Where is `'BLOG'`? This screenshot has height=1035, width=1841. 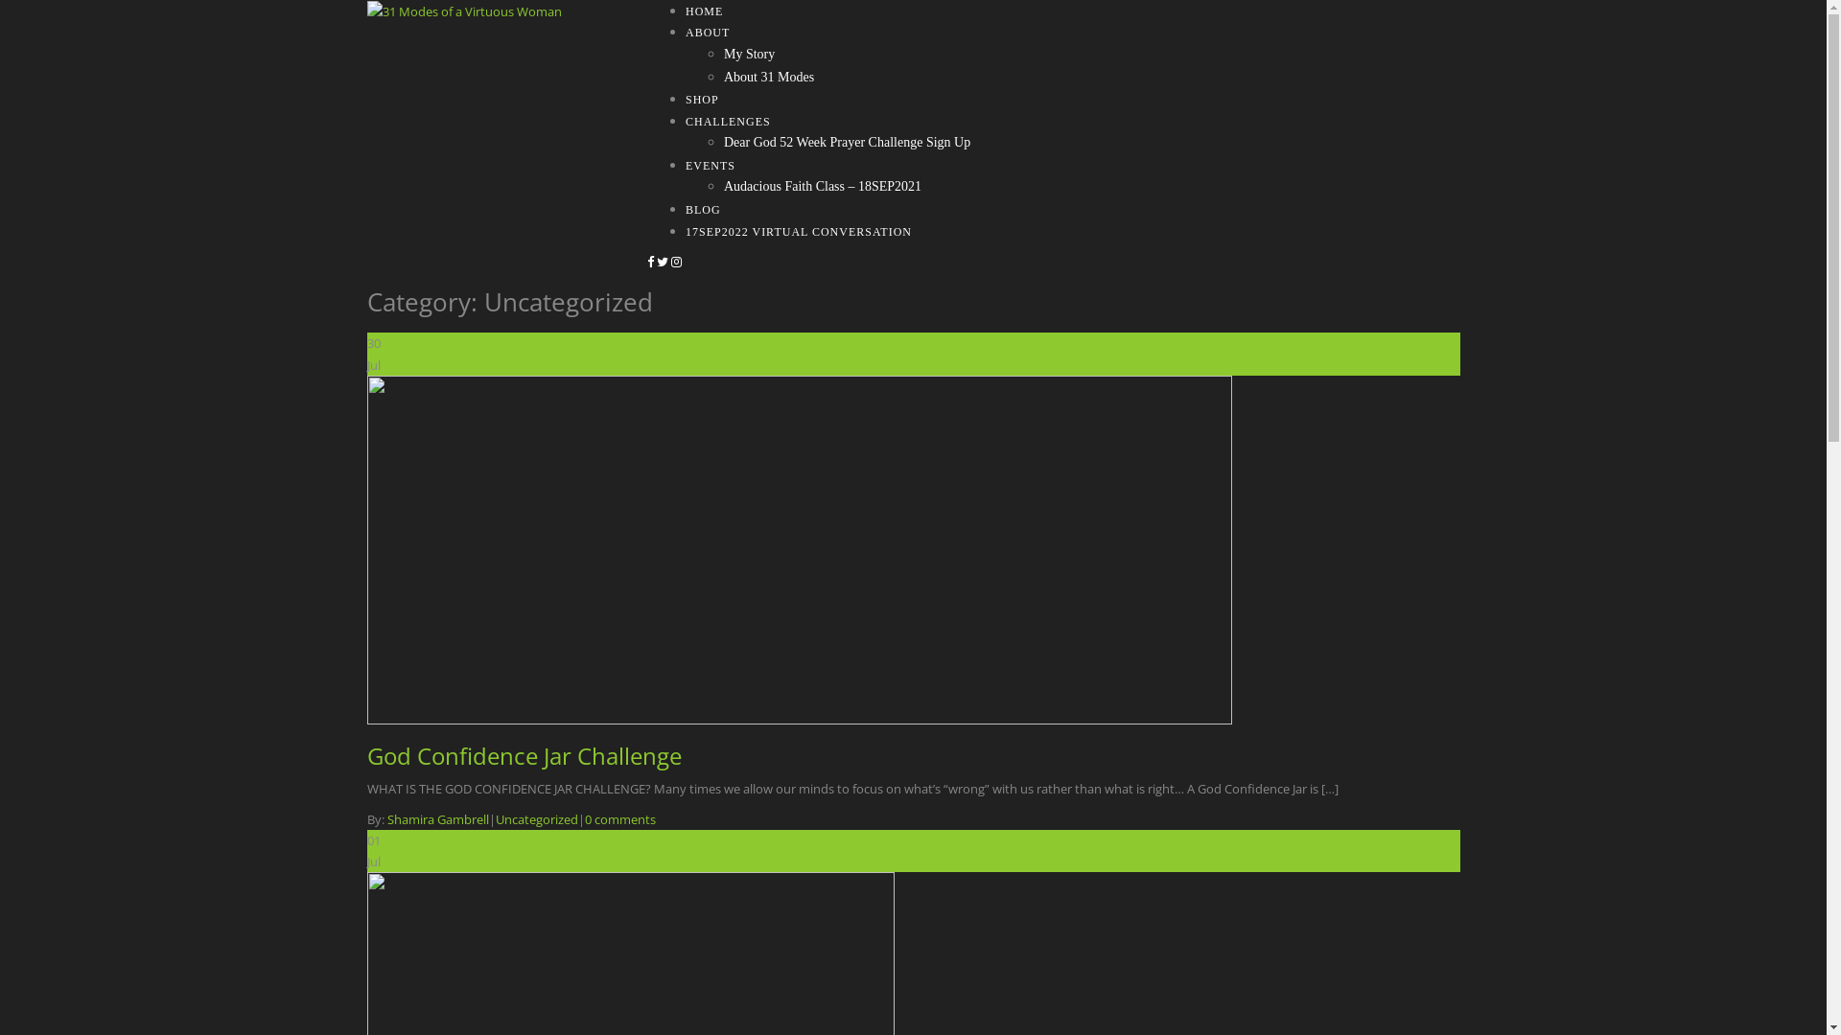
'BLOG' is located at coordinates (702, 210).